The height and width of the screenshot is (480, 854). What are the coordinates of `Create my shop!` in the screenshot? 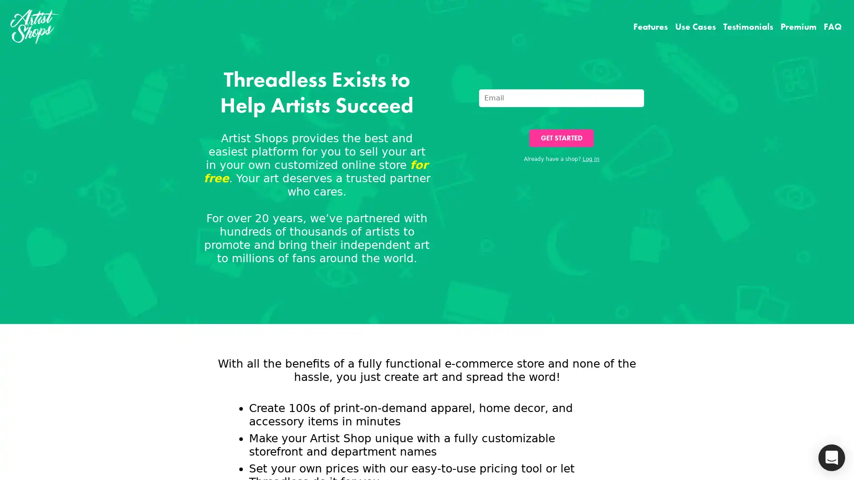 It's located at (513, 300).